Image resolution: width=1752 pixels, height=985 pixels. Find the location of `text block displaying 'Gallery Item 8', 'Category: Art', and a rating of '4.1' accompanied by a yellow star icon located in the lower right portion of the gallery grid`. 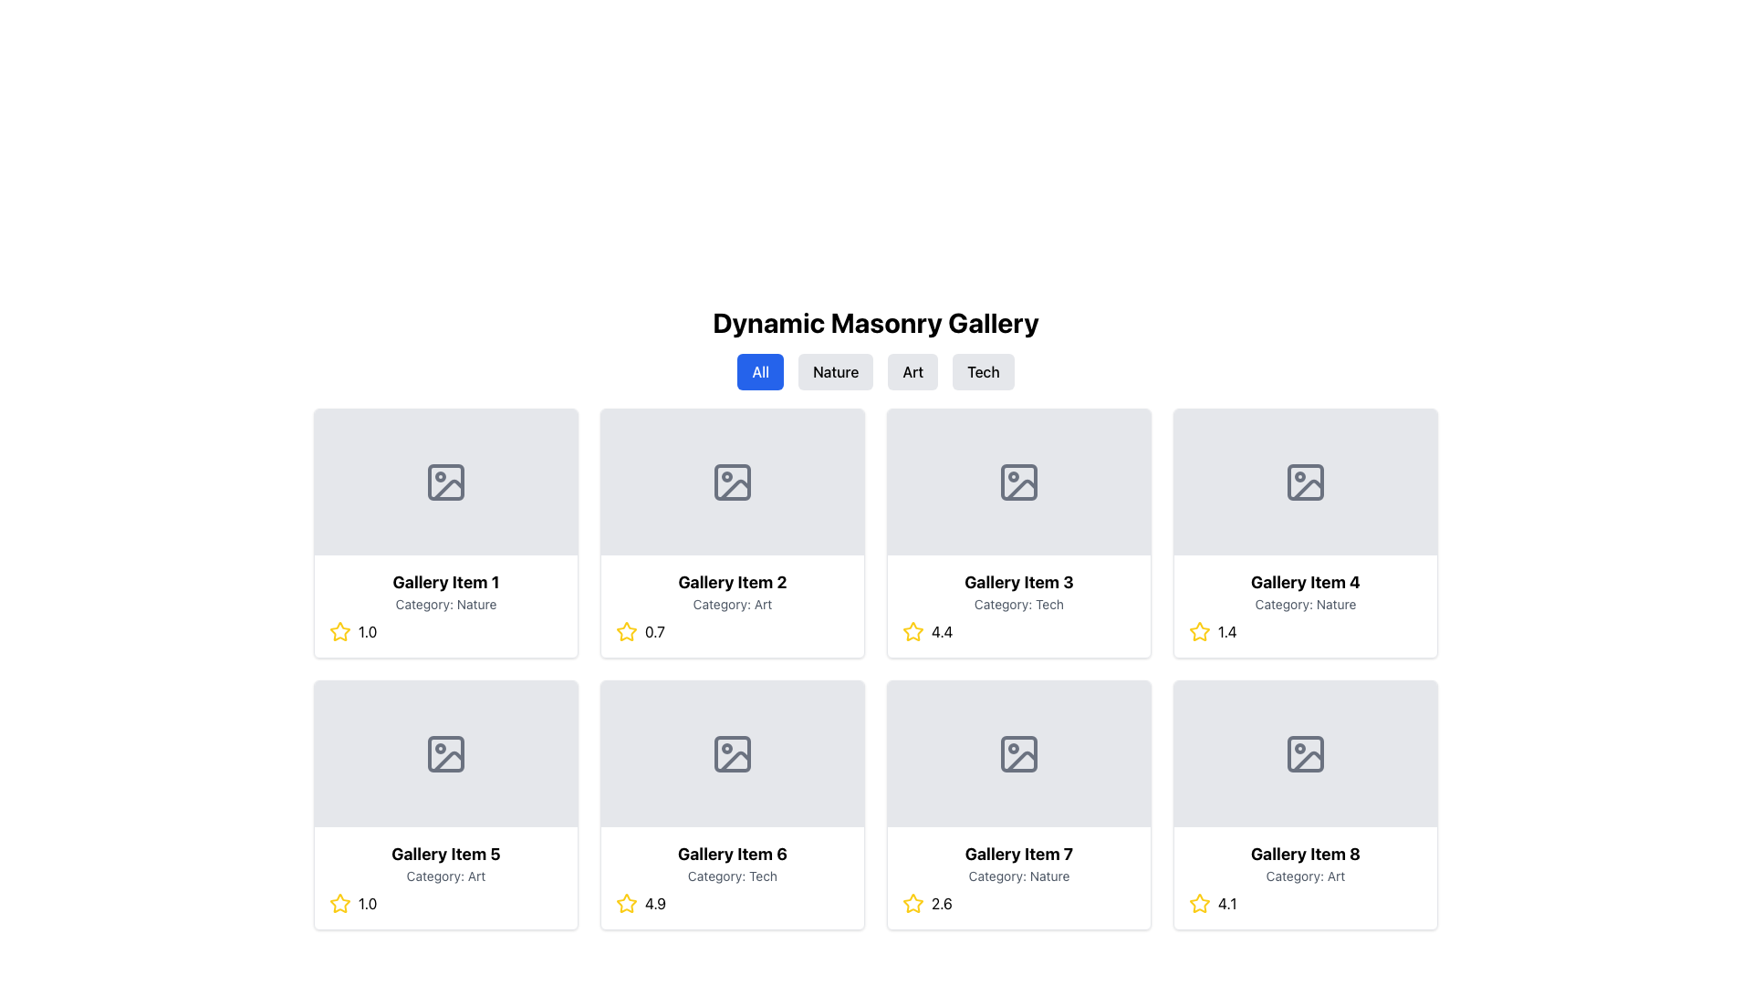

text block displaying 'Gallery Item 8', 'Category: Art', and a rating of '4.1' accompanied by a yellow star icon located in the lower right portion of the gallery grid is located at coordinates (1304, 877).